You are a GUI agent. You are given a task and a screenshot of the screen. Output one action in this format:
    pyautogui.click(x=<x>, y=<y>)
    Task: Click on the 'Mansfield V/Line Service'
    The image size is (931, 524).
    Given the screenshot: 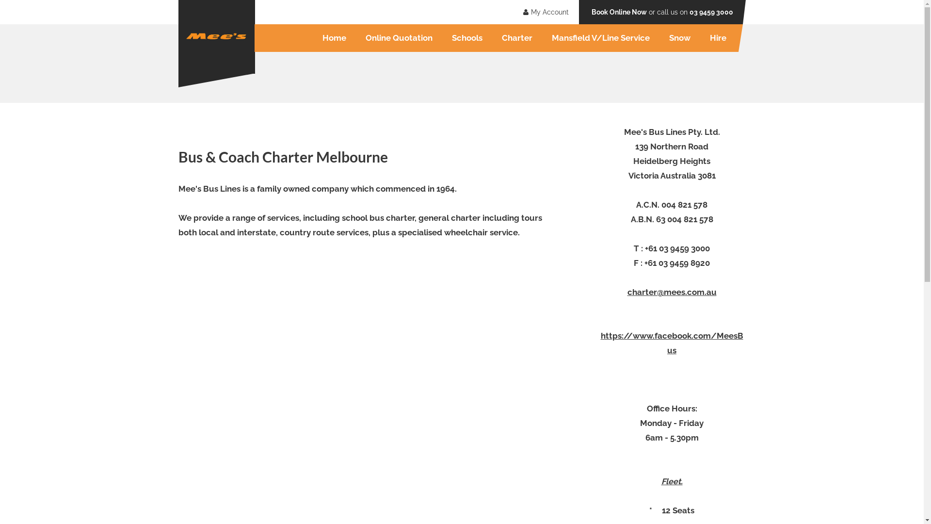 What is the action you would take?
    pyautogui.click(x=600, y=37)
    